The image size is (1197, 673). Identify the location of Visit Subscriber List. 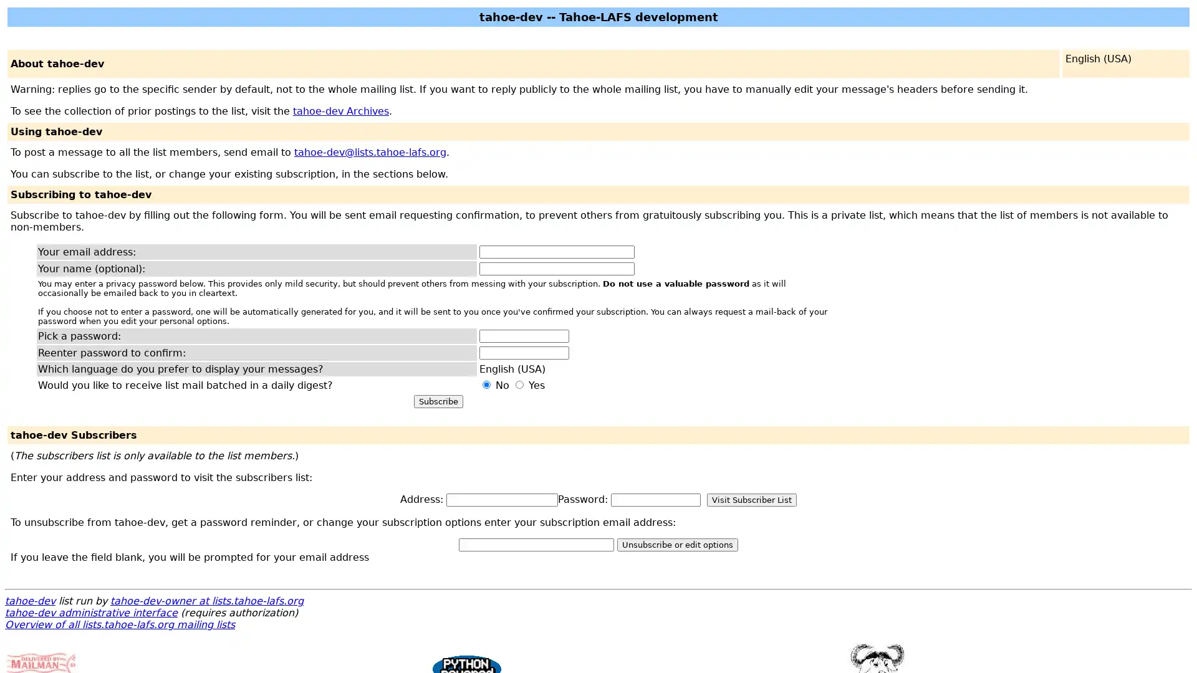
(751, 499).